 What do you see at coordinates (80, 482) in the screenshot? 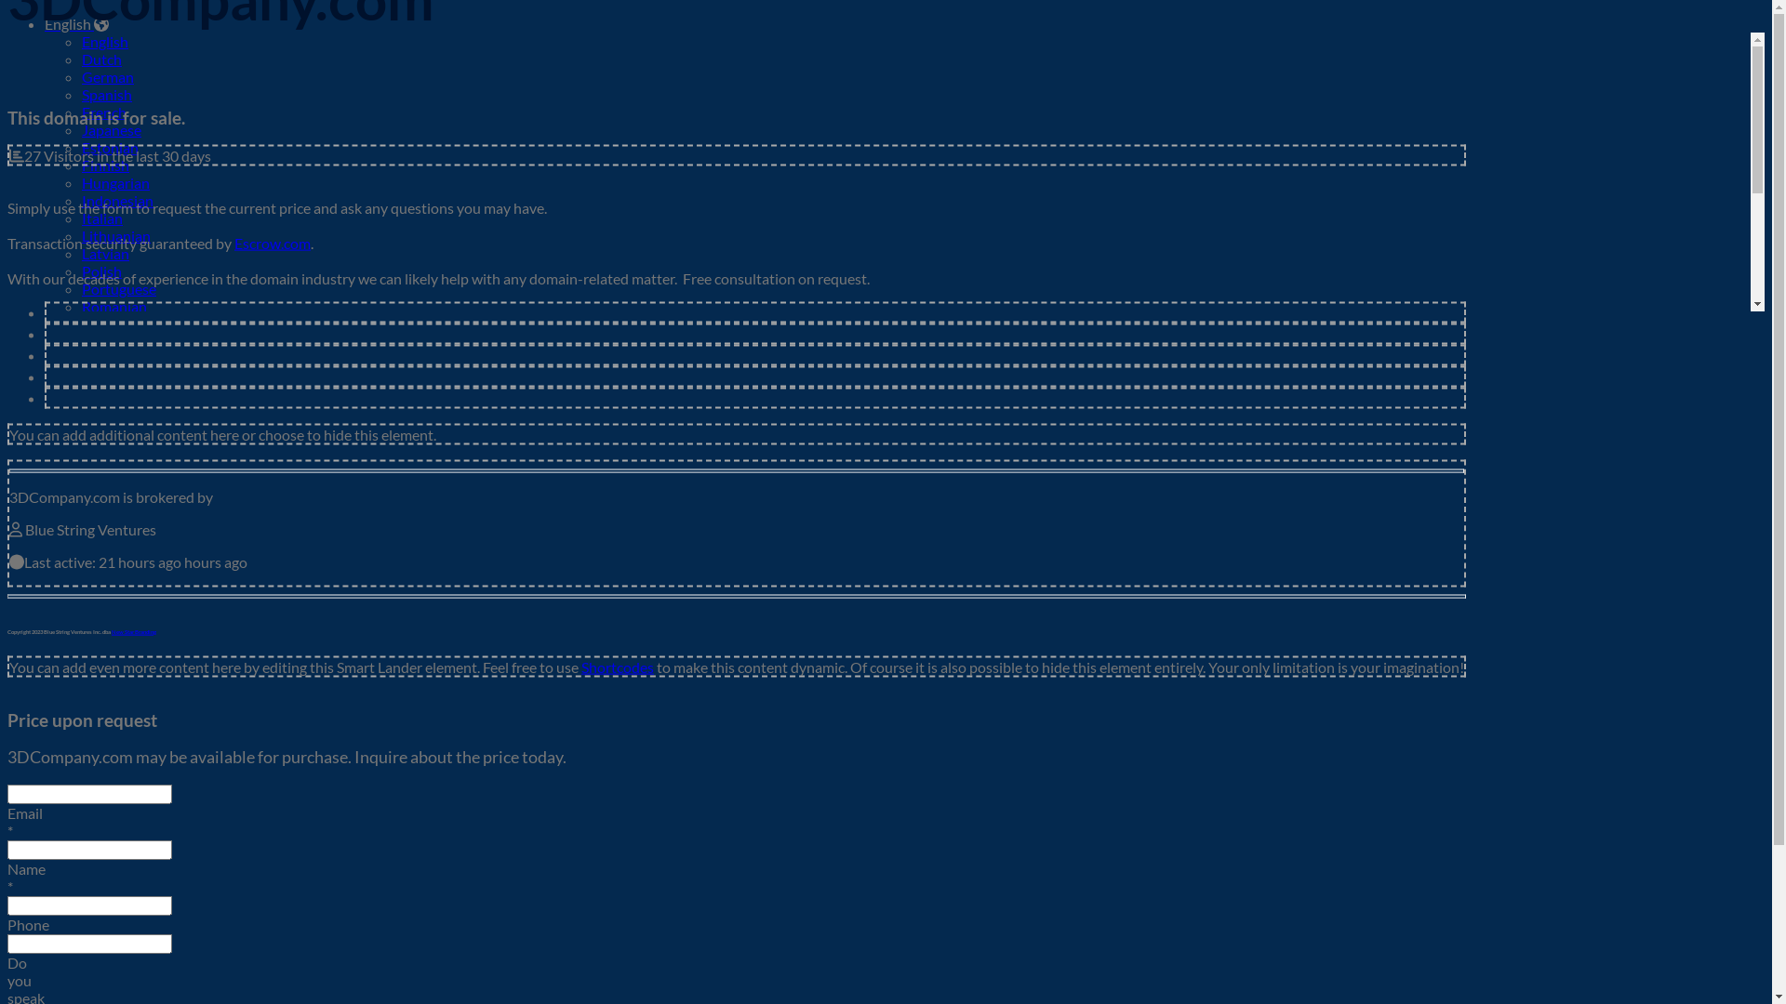
I see `'Danish'` at bounding box center [80, 482].